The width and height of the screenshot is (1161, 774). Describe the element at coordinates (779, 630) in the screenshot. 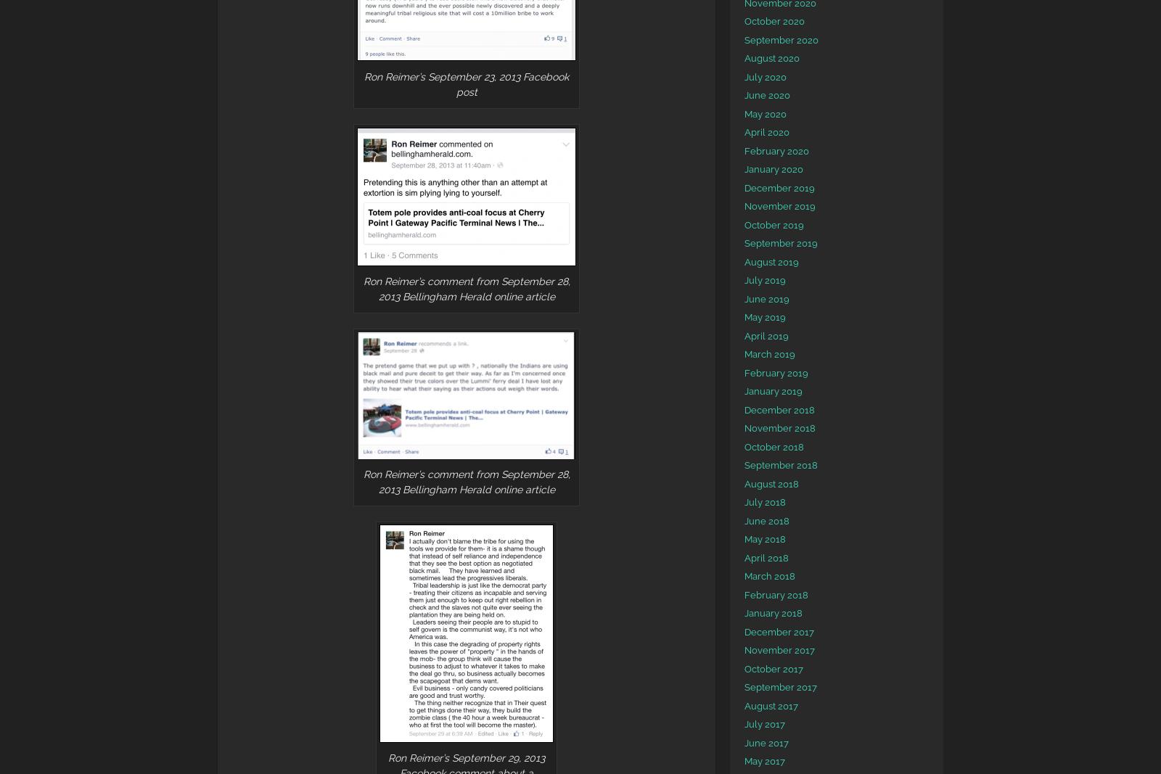

I see `'December 2017'` at that location.